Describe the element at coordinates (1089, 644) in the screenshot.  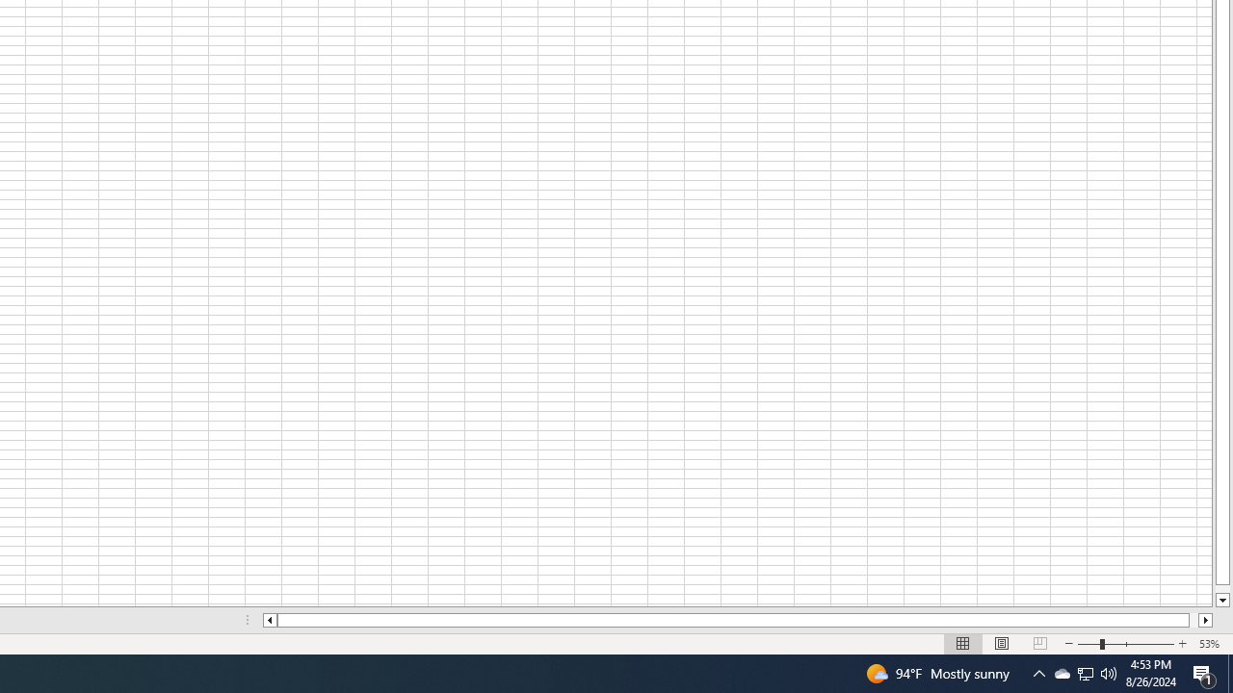
I see `'Zoom Out'` at that location.